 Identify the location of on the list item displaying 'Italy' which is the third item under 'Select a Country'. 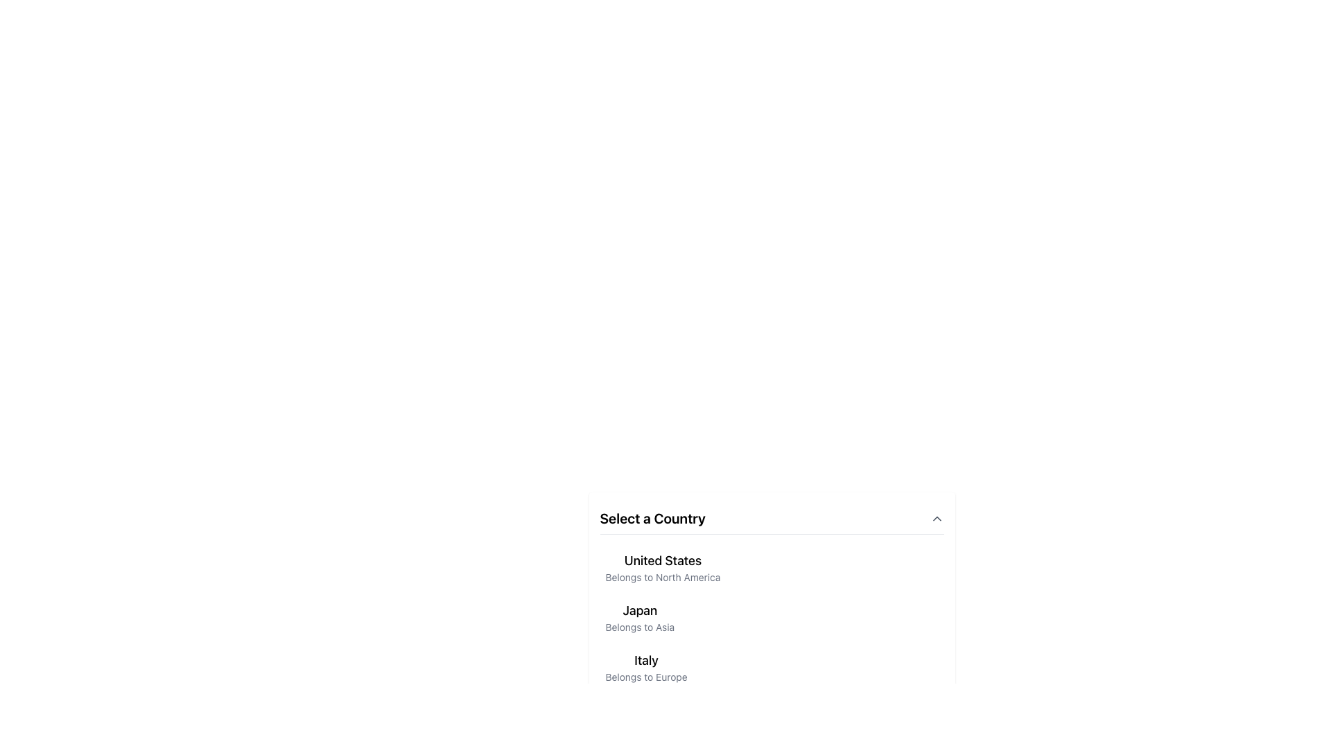
(645, 667).